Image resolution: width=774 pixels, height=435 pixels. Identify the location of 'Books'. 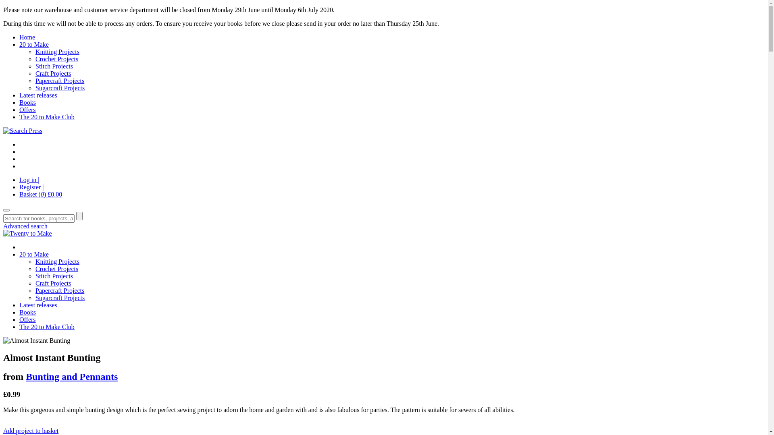
(27, 312).